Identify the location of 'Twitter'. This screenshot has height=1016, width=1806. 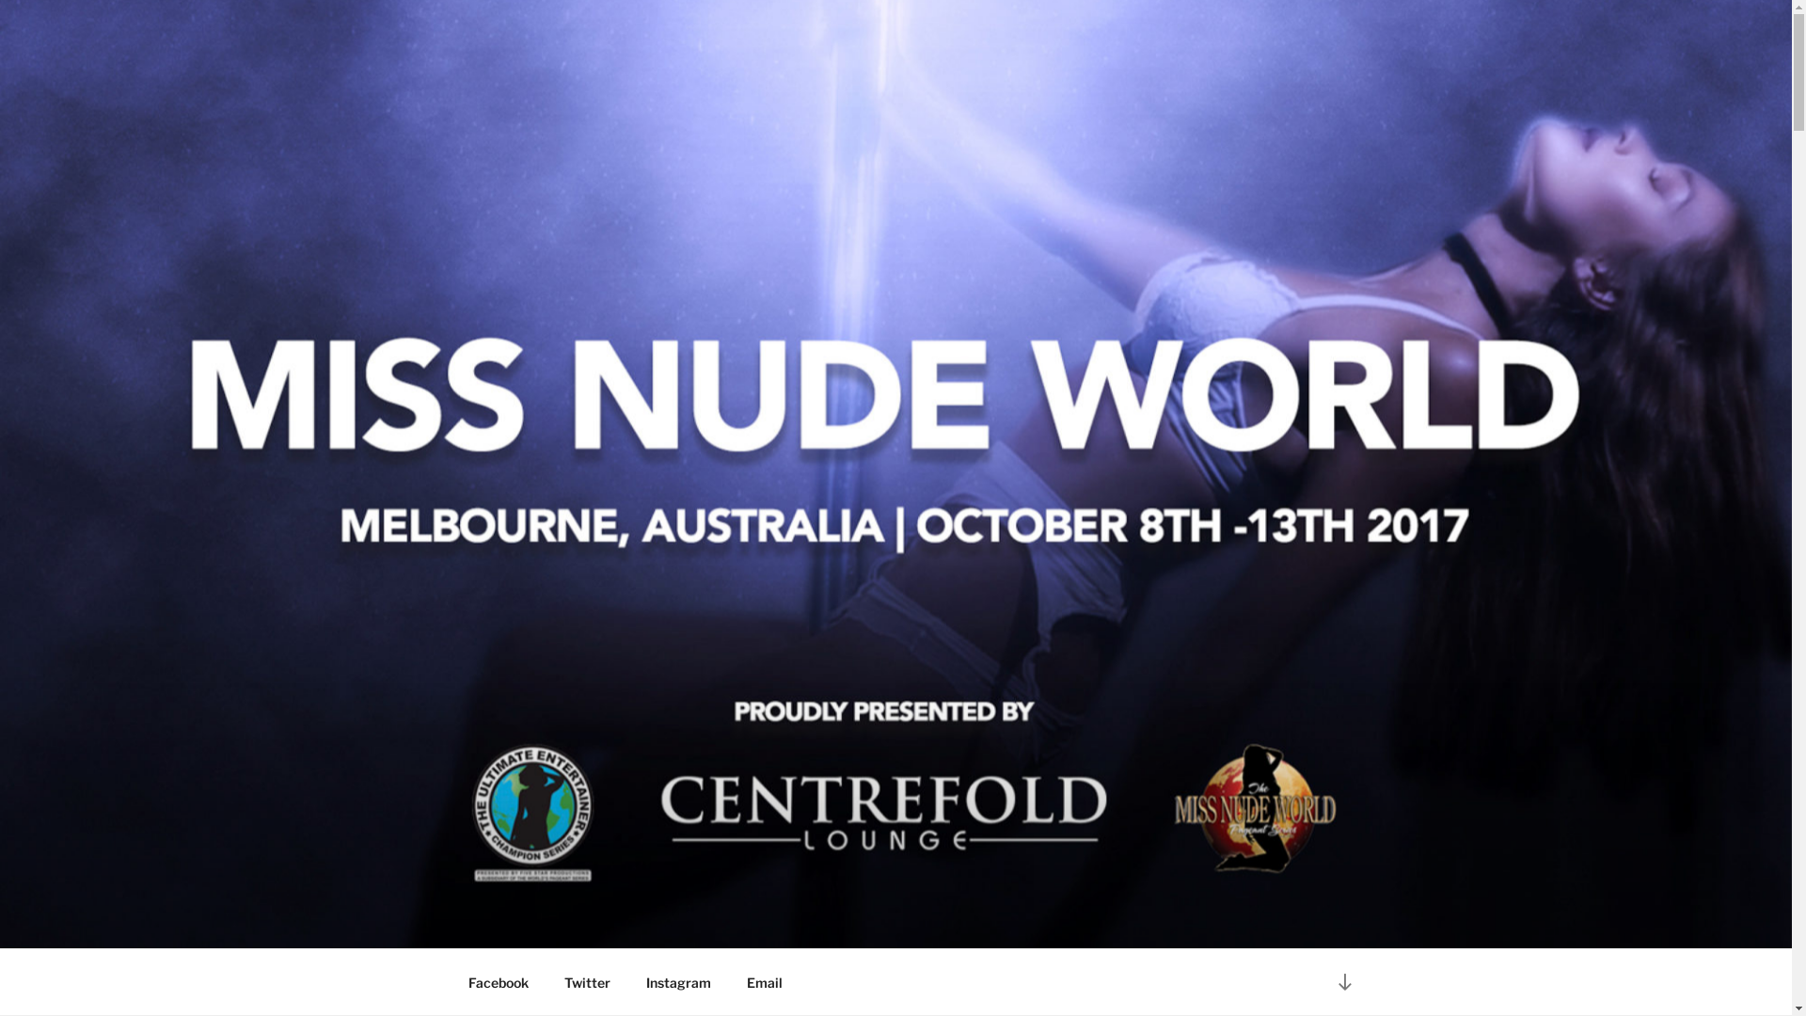
(586, 981).